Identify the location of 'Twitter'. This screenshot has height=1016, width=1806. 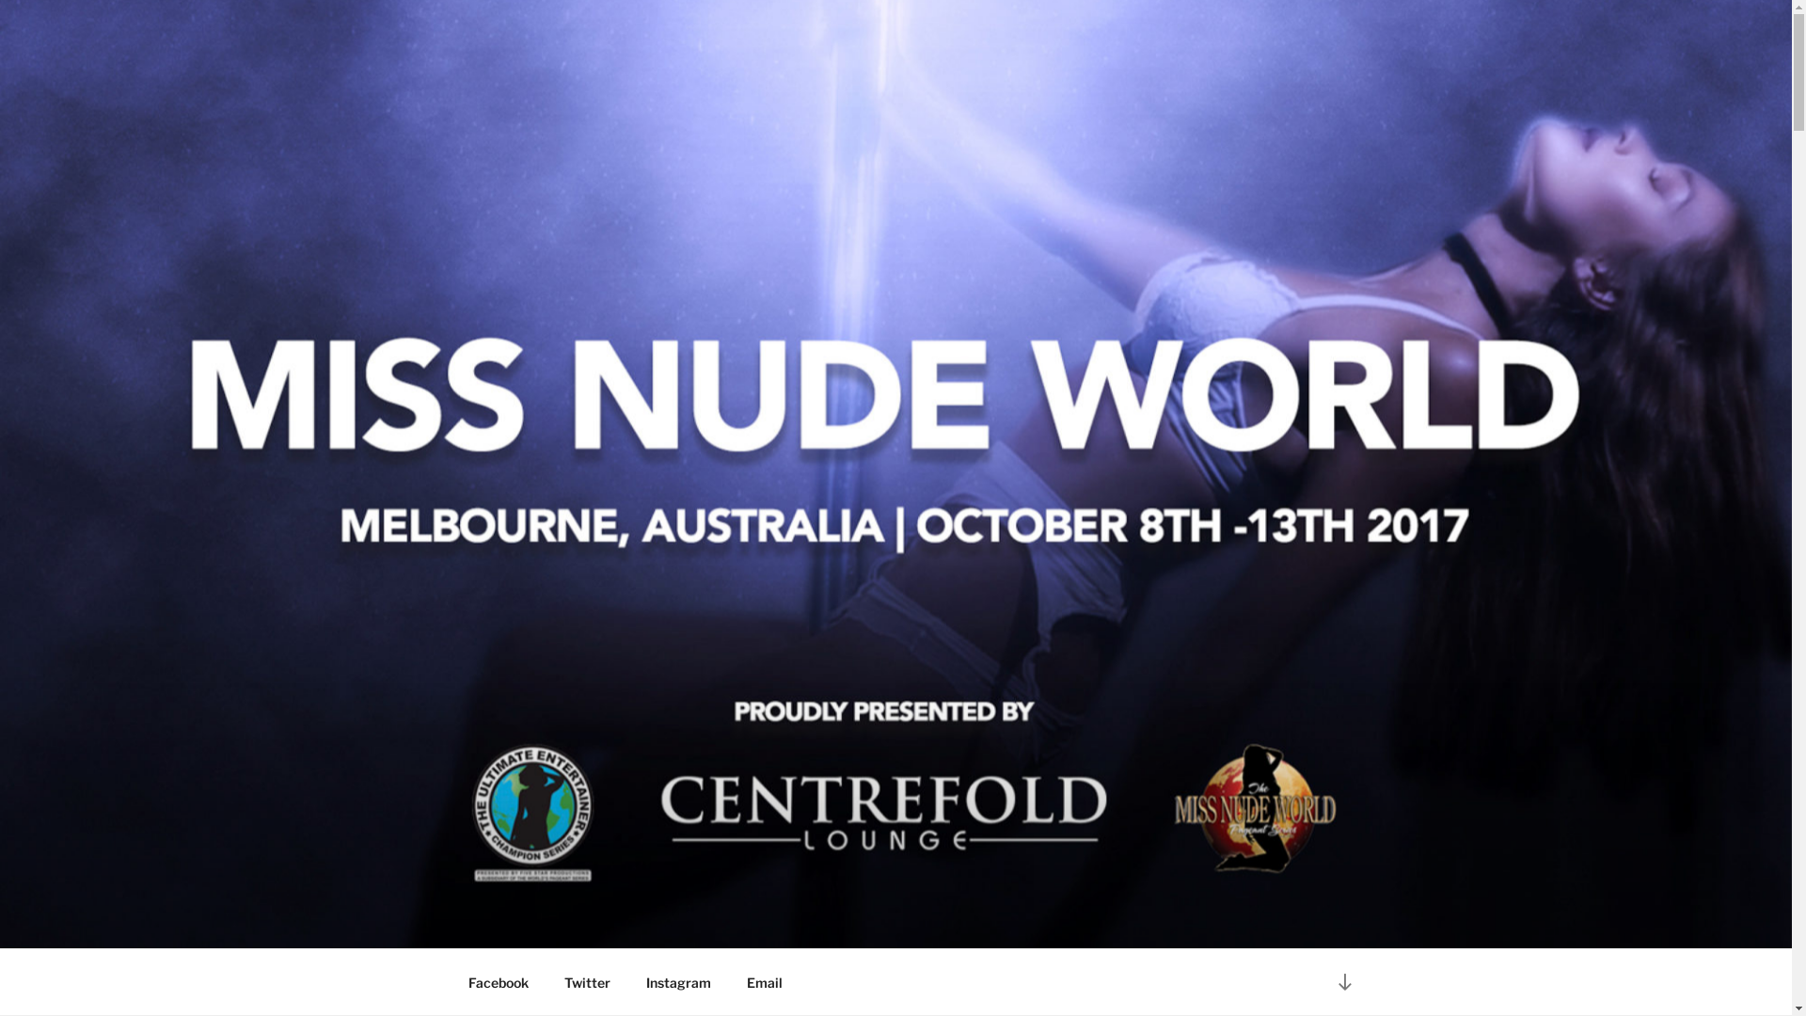
(586, 981).